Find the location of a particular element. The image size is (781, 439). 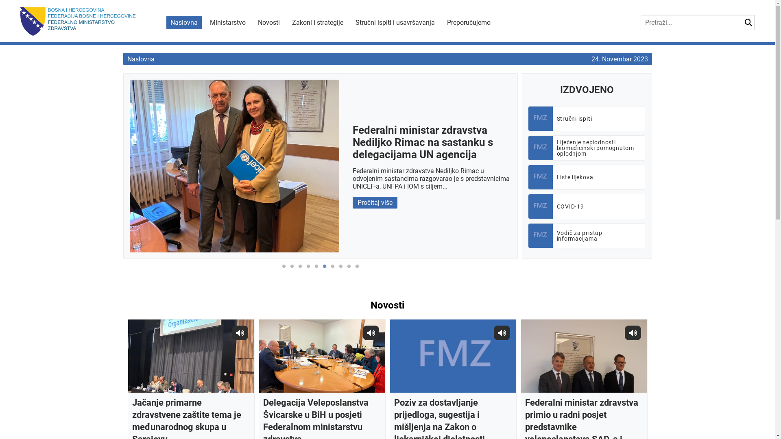

'Zakoni i strategije' is located at coordinates (317, 22).